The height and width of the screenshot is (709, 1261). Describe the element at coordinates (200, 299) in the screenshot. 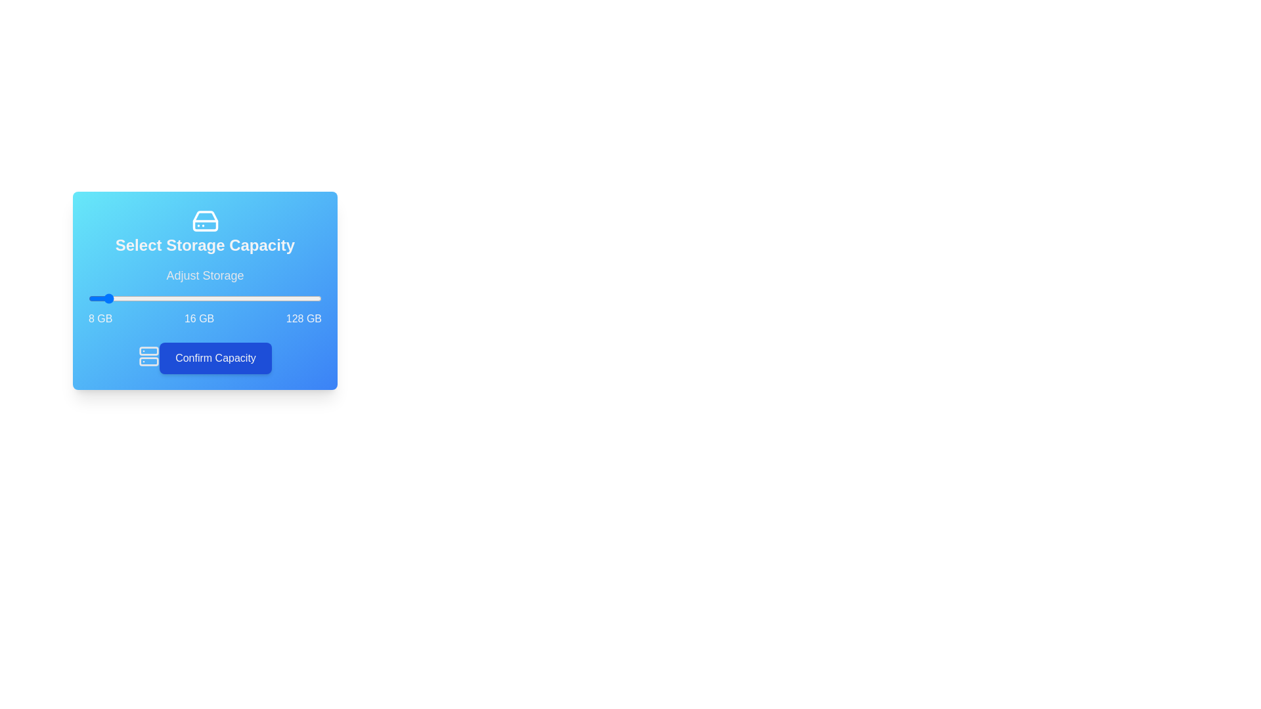

I see `the storage slider to set the capacity to 66 GB` at that location.